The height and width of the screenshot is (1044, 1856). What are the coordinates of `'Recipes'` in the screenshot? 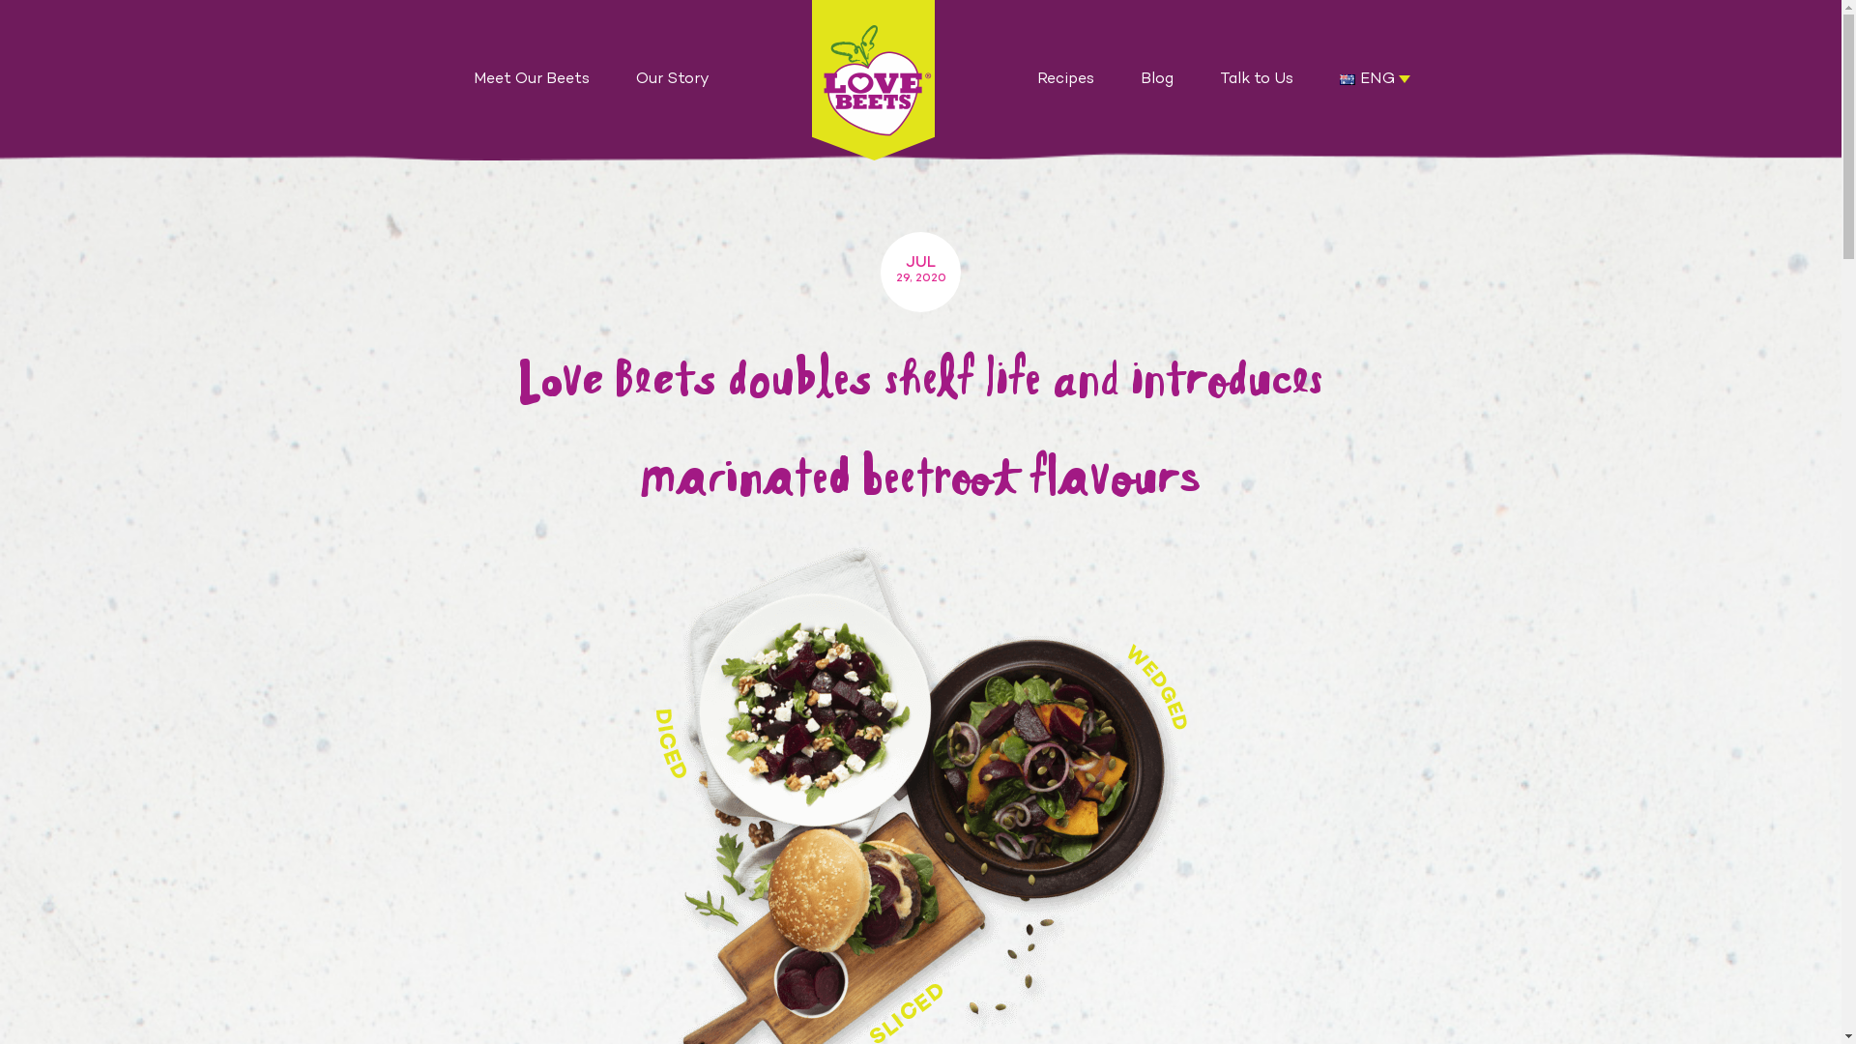 It's located at (1064, 79).